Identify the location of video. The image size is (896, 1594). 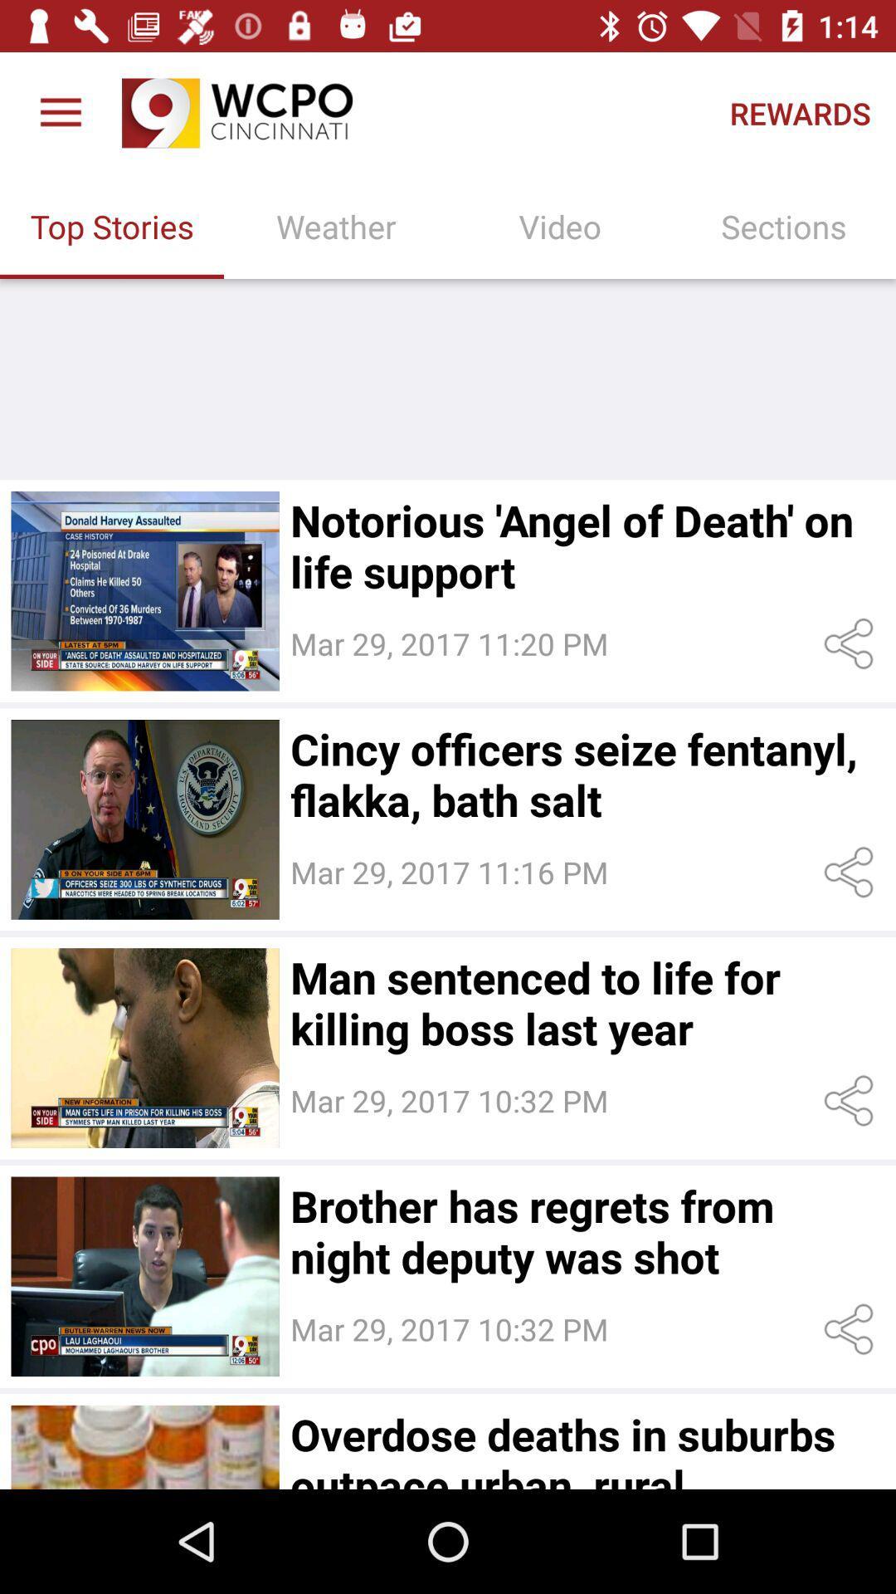
(144, 1446).